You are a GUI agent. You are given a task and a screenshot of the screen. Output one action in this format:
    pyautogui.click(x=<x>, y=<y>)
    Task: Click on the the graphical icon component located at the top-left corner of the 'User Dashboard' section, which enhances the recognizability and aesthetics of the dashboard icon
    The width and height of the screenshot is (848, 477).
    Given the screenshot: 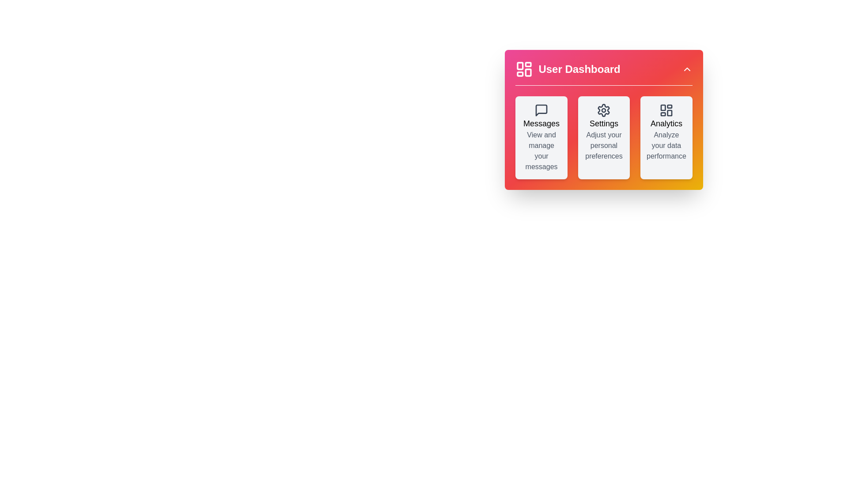 What is the action you would take?
    pyautogui.click(x=520, y=65)
    